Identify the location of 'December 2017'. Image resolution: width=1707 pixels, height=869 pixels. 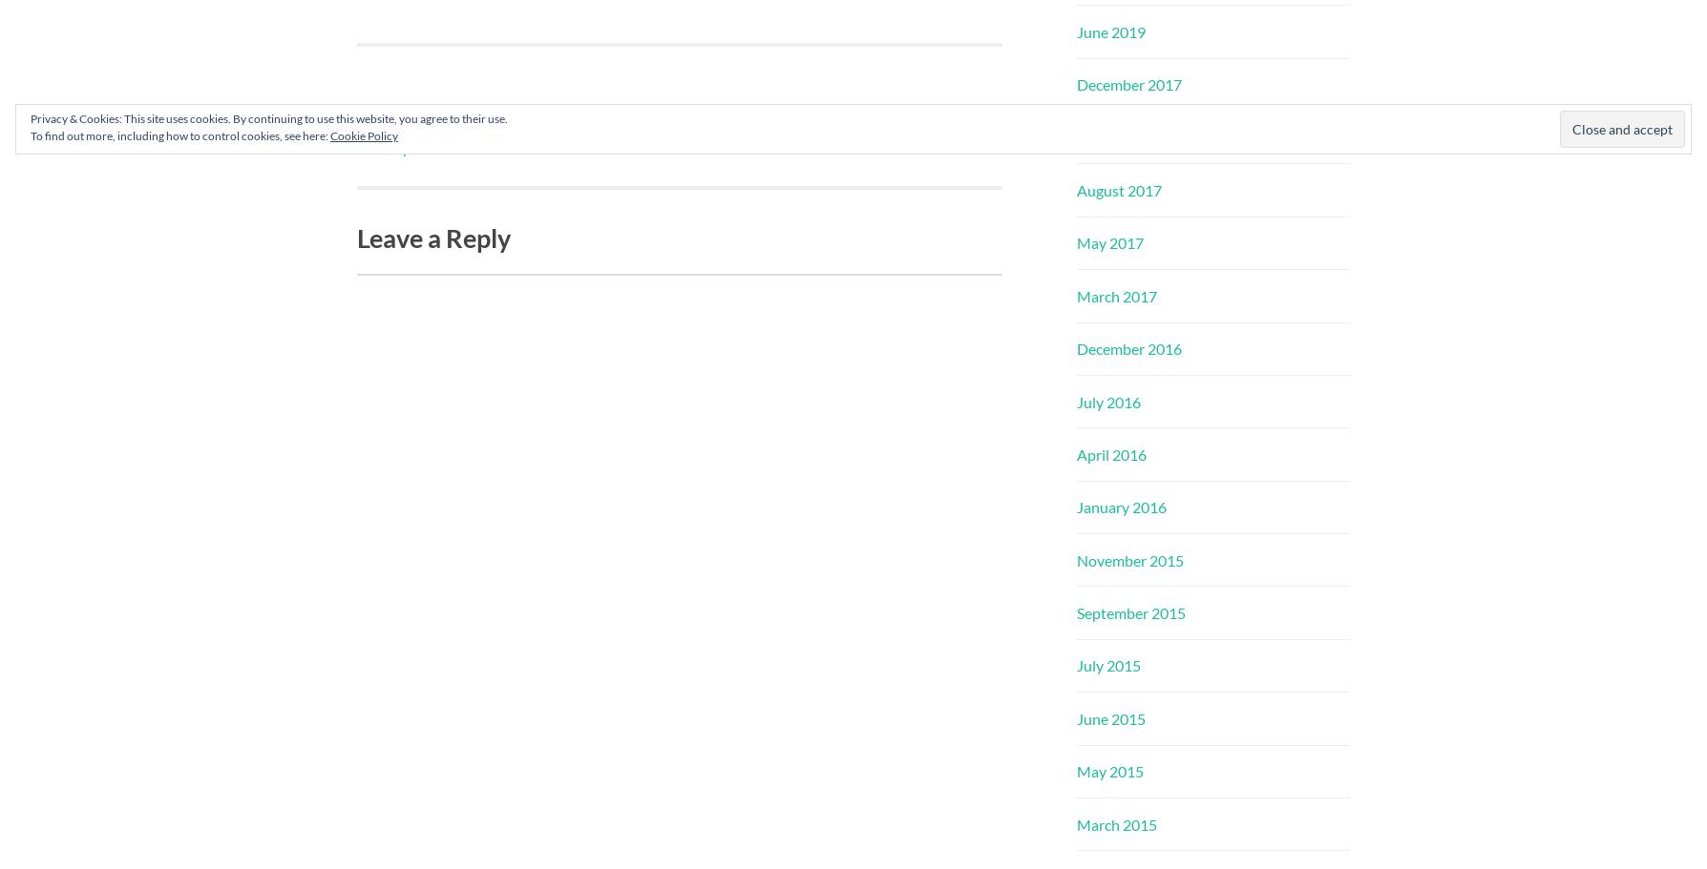
(1076, 84).